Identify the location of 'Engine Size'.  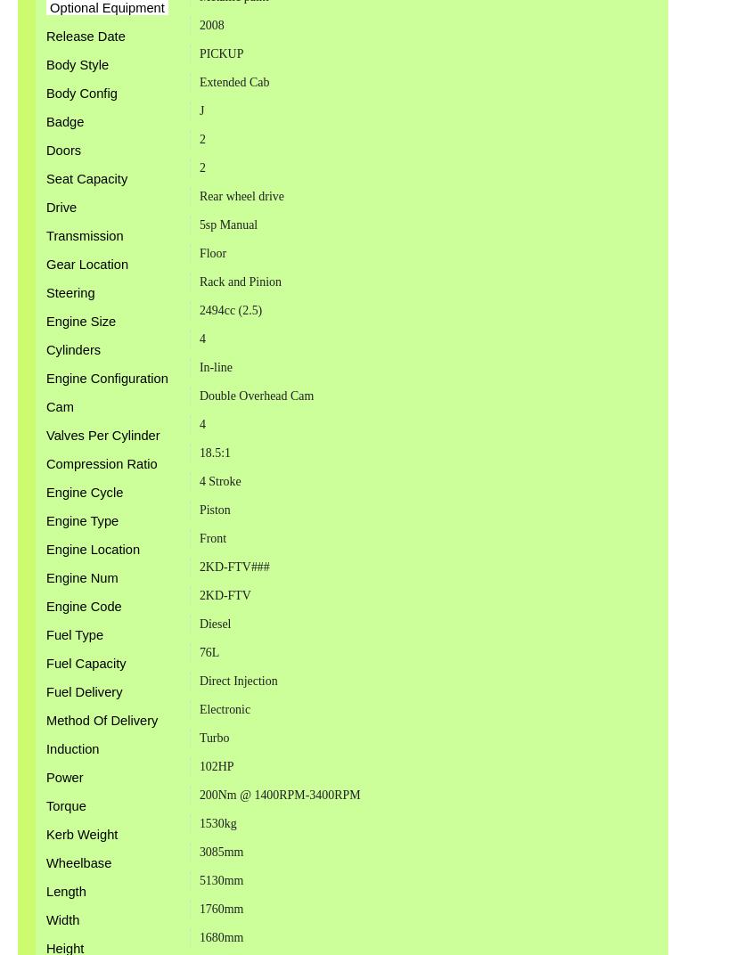
(81, 320).